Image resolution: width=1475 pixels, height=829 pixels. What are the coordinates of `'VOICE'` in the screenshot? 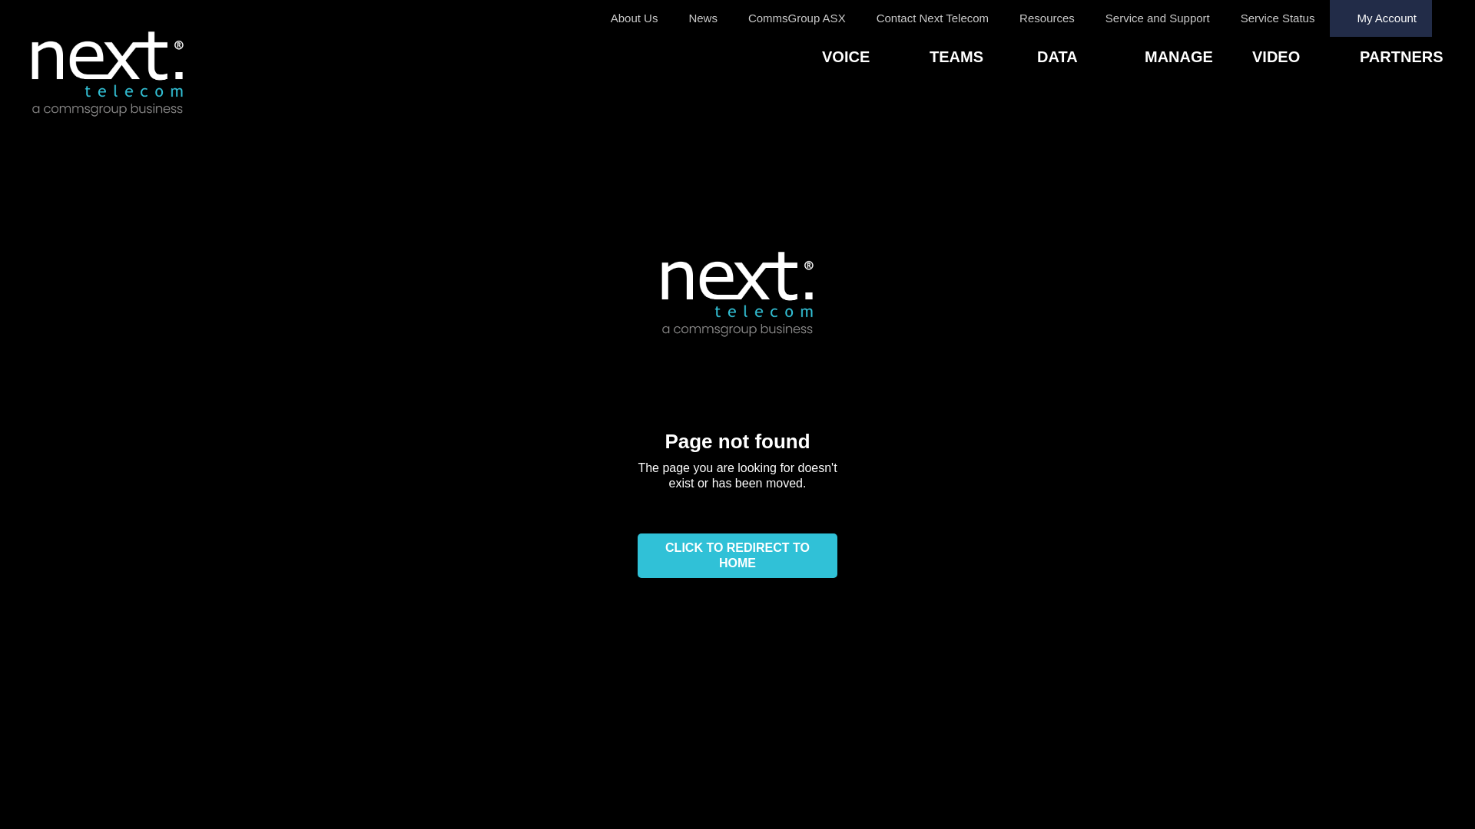 It's located at (876, 58).